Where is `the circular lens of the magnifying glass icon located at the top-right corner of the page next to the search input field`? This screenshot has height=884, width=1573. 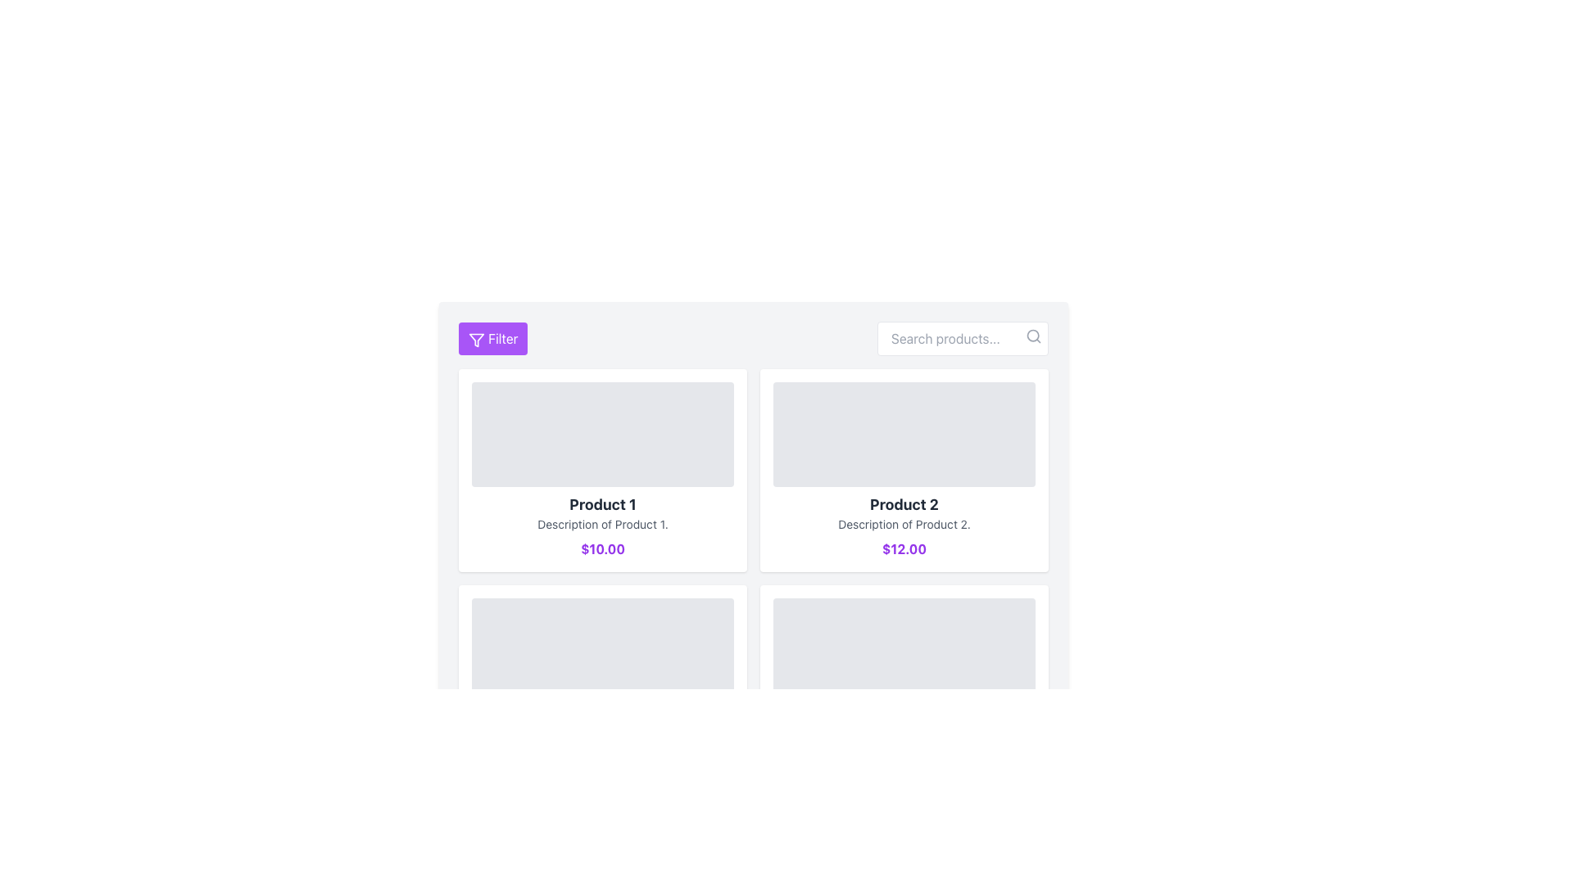
the circular lens of the magnifying glass icon located at the top-right corner of the page next to the search input field is located at coordinates (1032, 335).